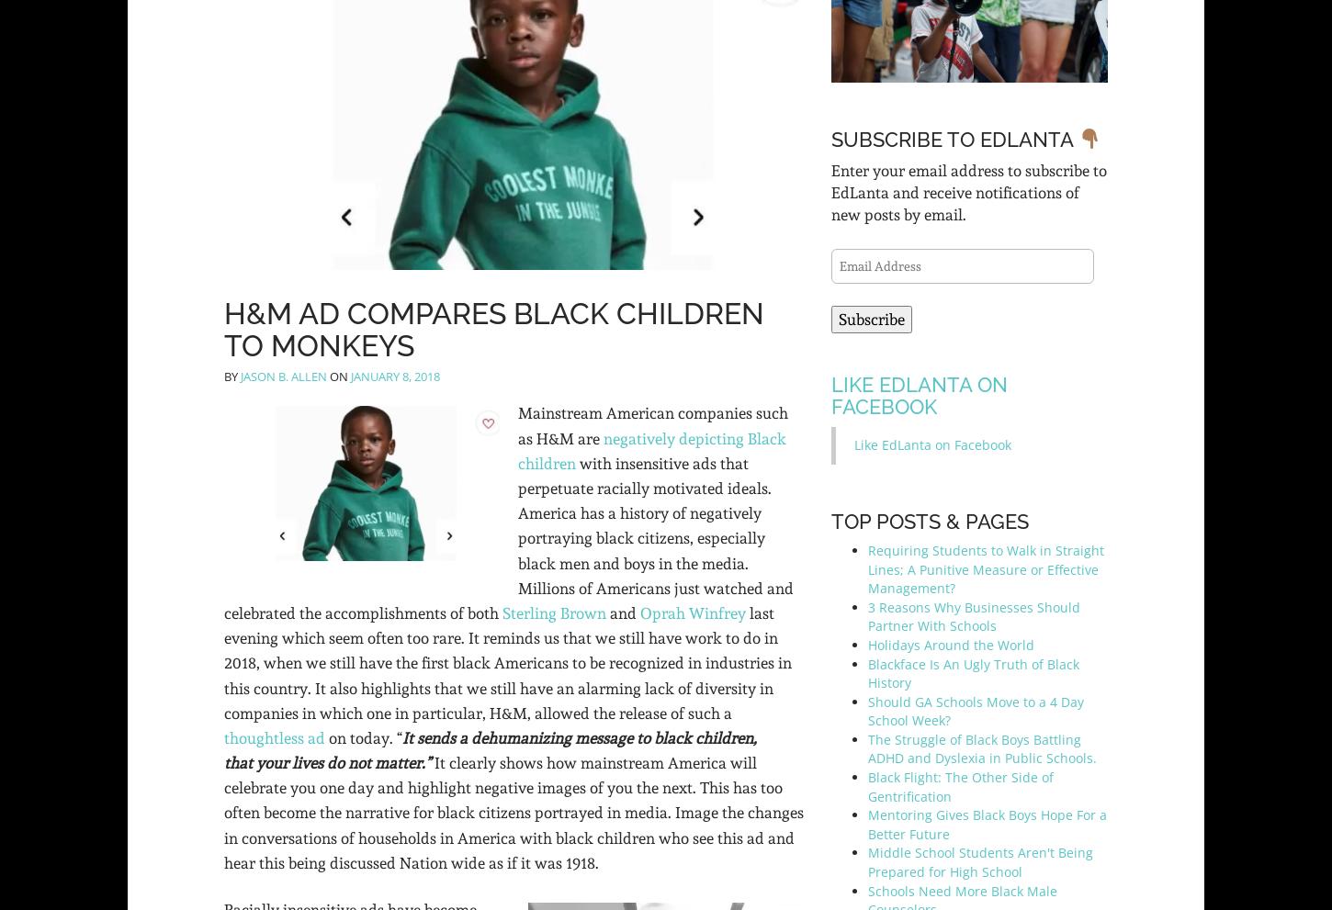  Describe the element at coordinates (974, 615) in the screenshot. I see `'3 Reasons Why Businesses Should Partner With Schools'` at that location.